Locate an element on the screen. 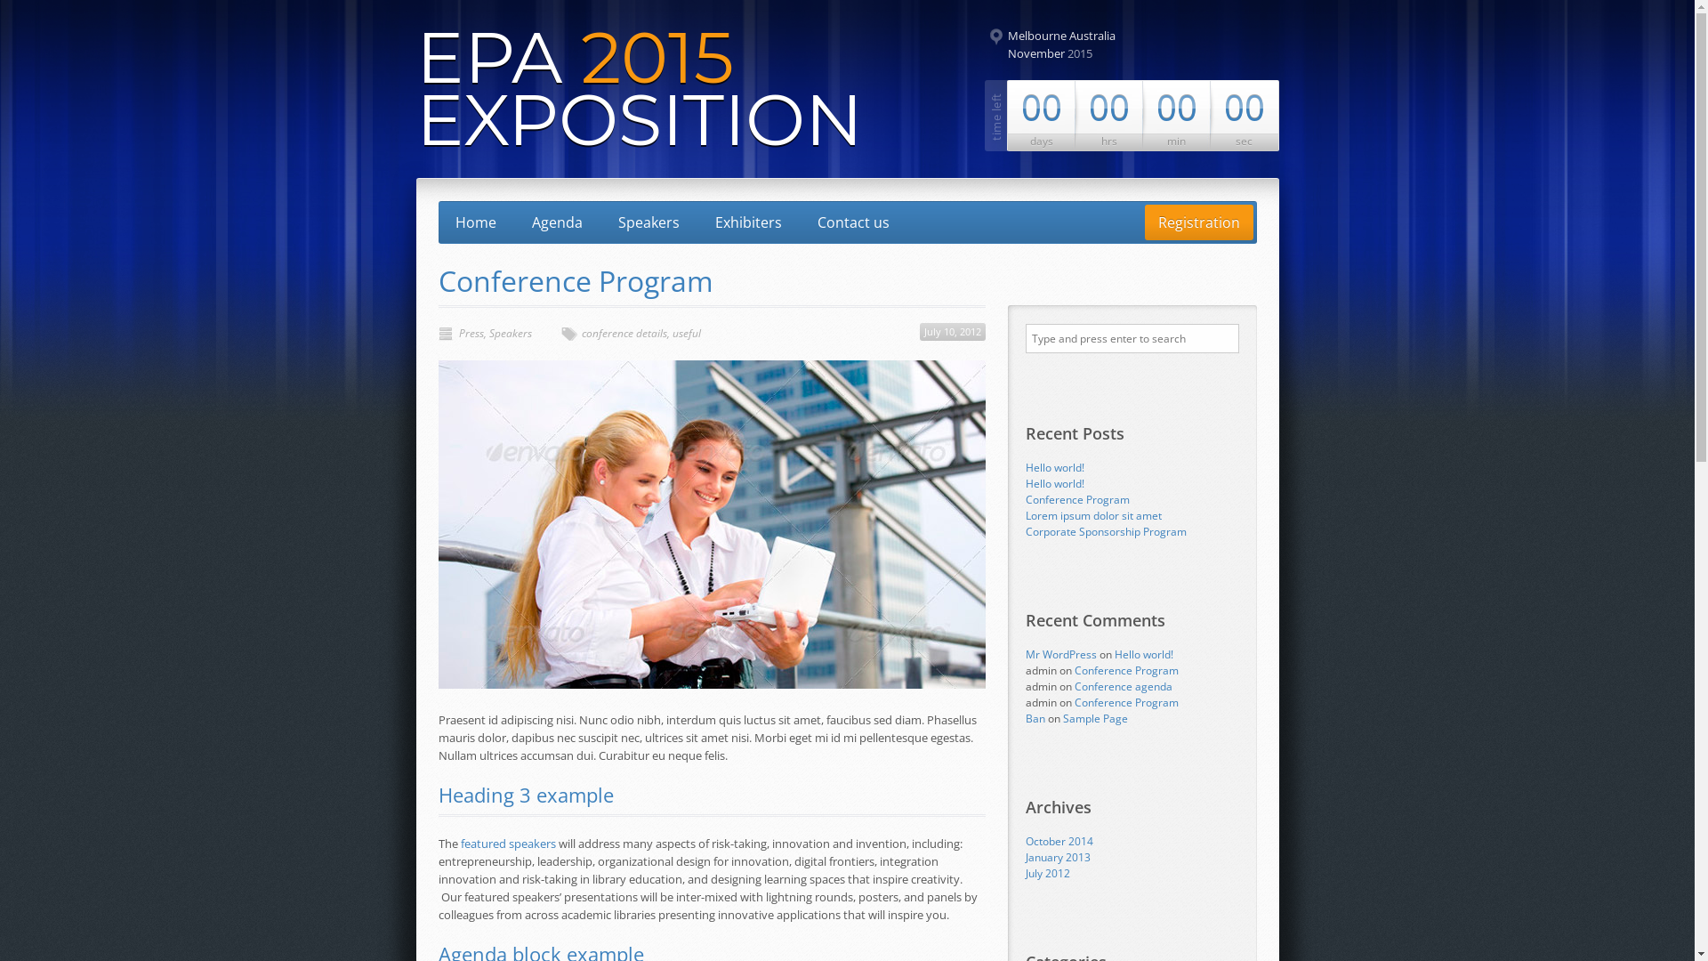 The height and width of the screenshot is (961, 1708). 'January 2013' is located at coordinates (1025, 856).